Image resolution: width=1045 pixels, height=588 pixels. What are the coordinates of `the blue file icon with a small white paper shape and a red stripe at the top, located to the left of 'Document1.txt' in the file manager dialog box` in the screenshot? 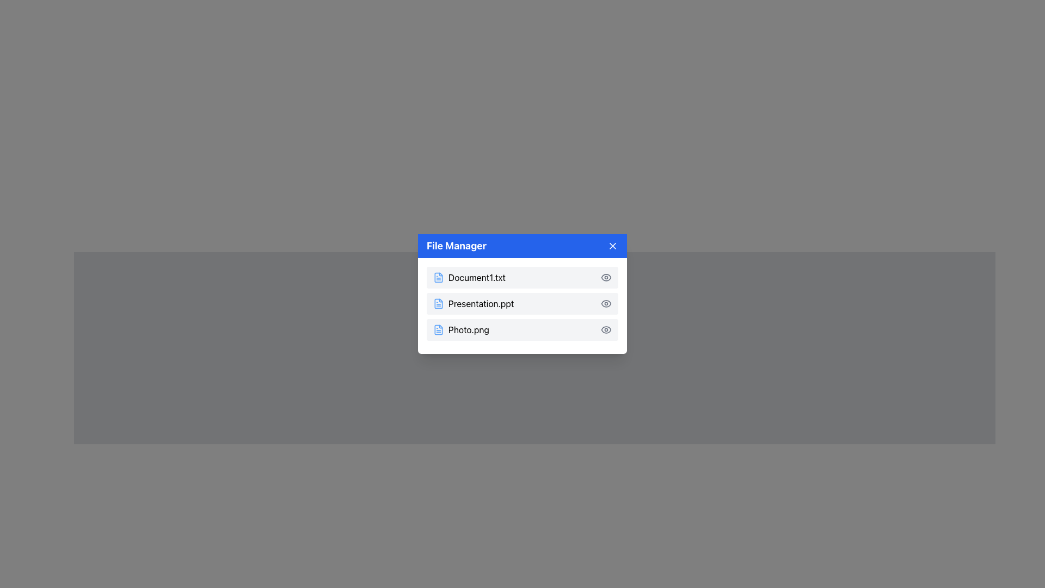 It's located at (439, 277).